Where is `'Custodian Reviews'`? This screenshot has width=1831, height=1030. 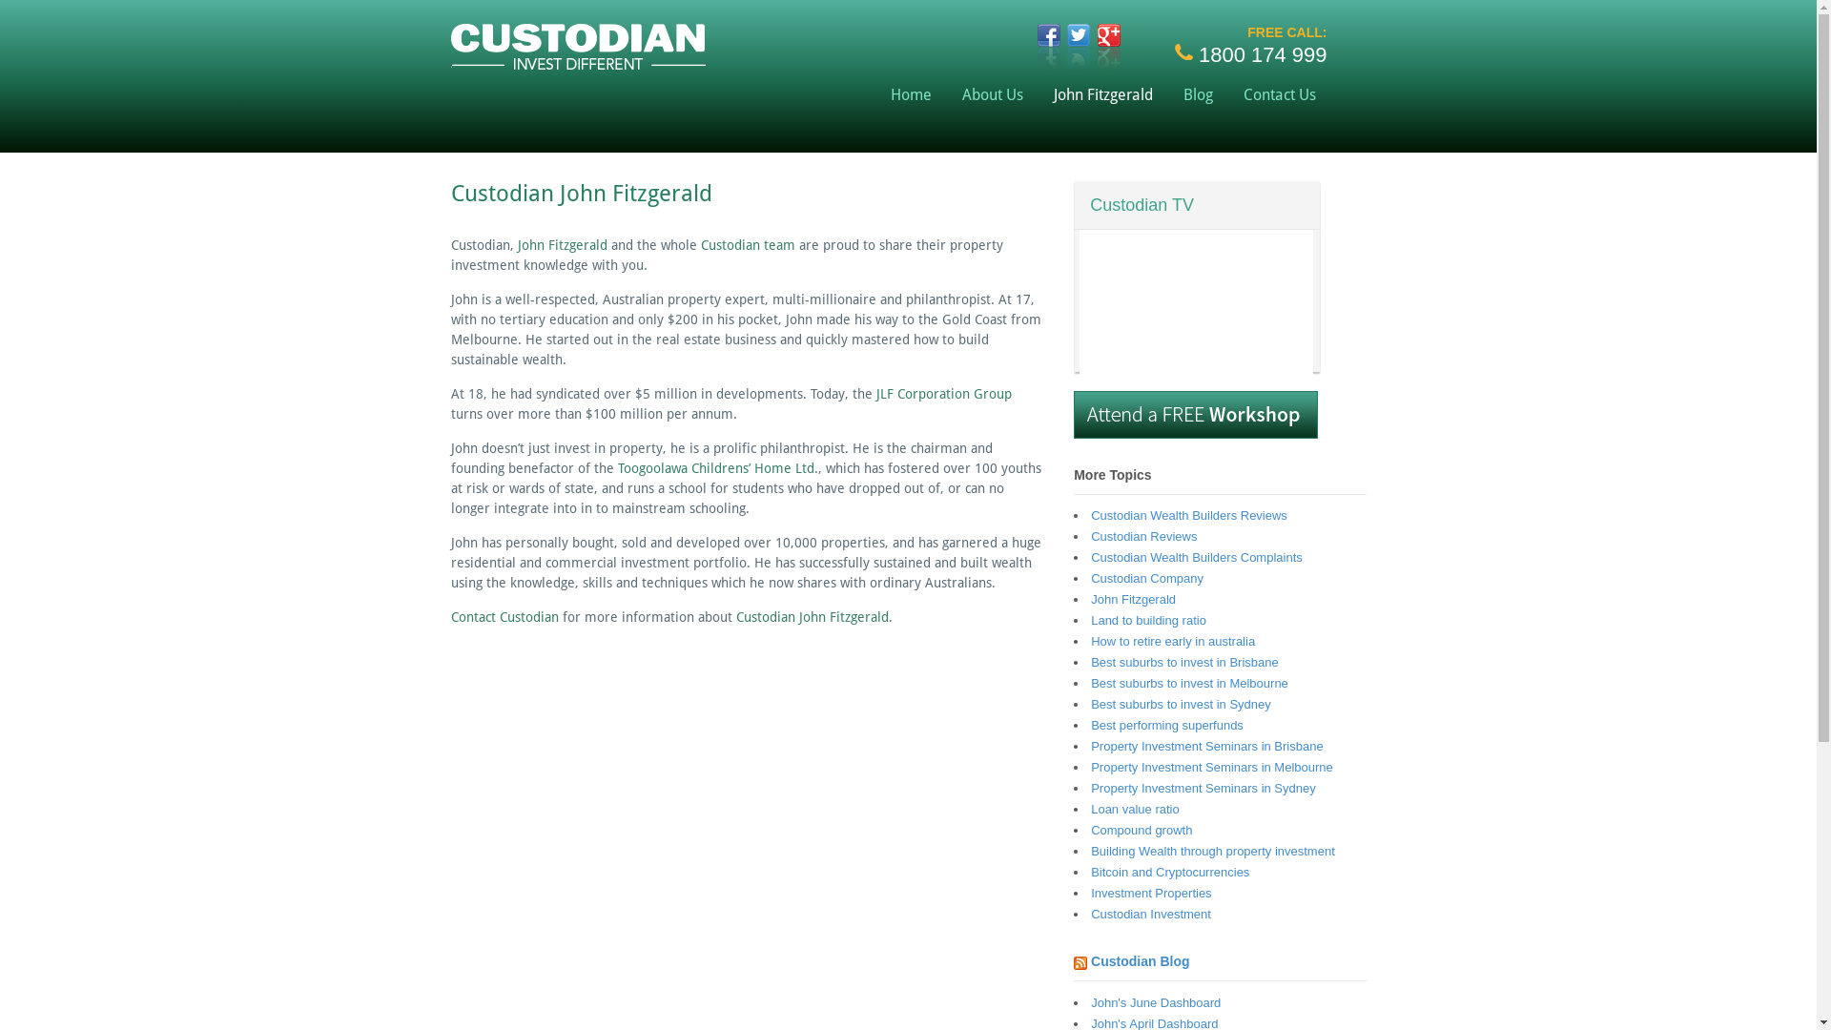
'Custodian Reviews' is located at coordinates (1143, 536).